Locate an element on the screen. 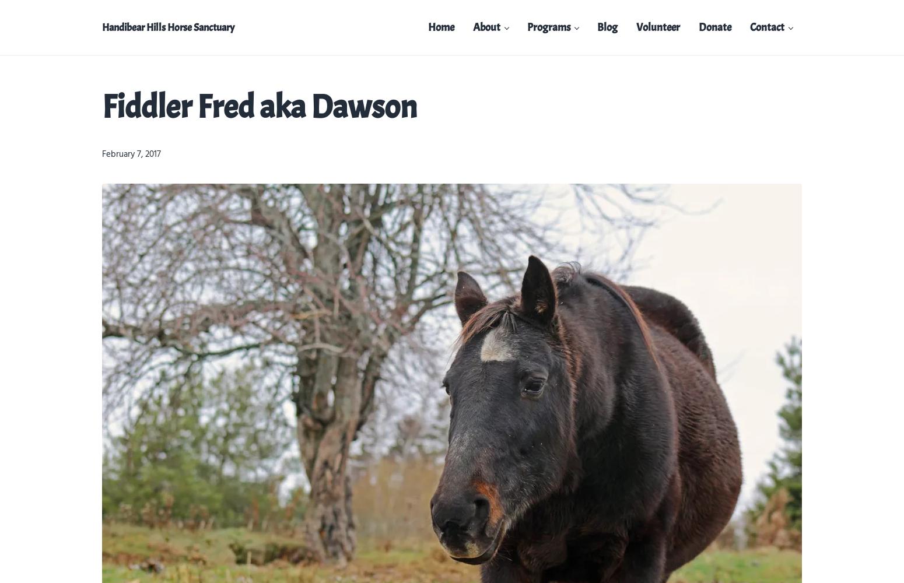 The width and height of the screenshot is (904, 583). 'Blog' is located at coordinates (607, 27).